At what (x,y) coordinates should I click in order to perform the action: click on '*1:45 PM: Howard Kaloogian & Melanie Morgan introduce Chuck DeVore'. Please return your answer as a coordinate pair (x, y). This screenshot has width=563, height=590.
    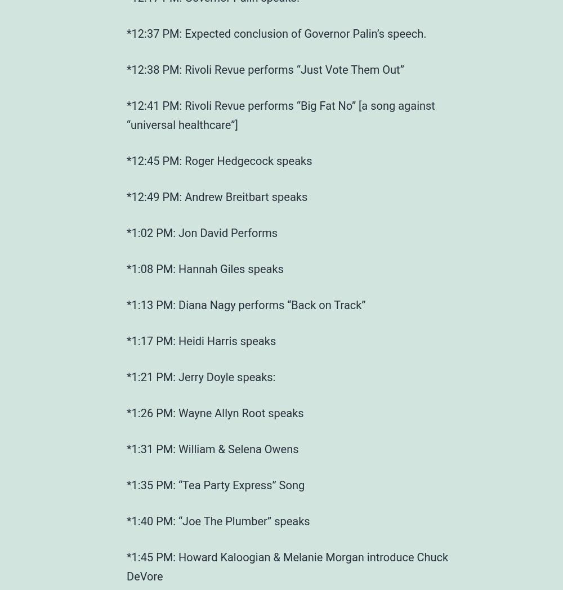
    Looking at the image, I should click on (126, 566).